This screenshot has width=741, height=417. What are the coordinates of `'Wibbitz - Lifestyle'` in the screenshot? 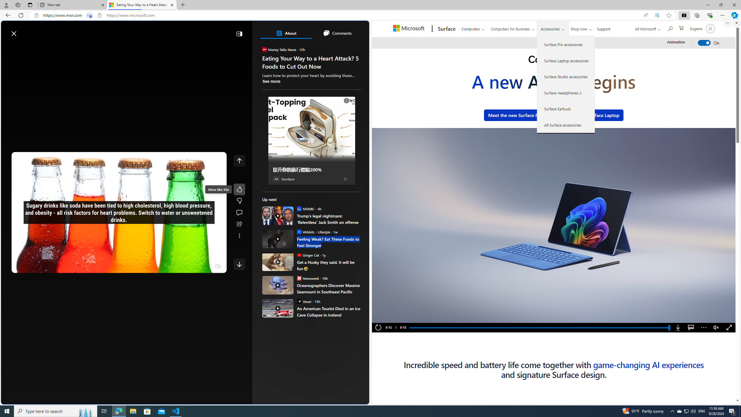 It's located at (298, 232).